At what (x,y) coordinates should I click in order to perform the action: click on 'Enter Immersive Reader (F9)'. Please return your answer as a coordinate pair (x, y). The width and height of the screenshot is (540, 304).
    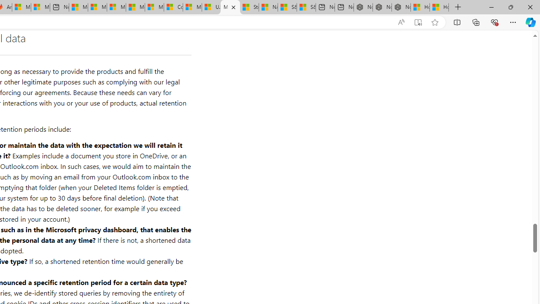
    Looking at the image, I should click on (418, 22).